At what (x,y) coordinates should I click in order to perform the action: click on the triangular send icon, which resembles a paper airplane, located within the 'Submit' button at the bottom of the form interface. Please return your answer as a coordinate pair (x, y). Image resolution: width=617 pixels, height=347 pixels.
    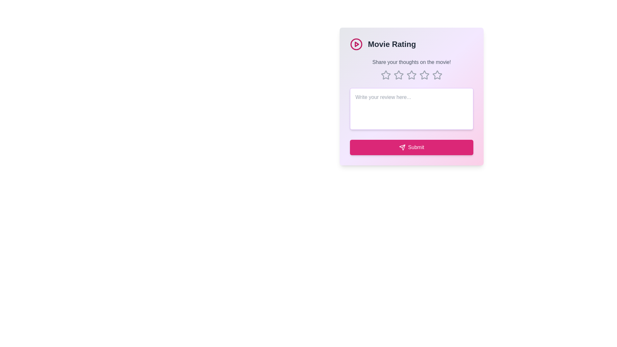
    Looking at the image, I should click on (402, 147).